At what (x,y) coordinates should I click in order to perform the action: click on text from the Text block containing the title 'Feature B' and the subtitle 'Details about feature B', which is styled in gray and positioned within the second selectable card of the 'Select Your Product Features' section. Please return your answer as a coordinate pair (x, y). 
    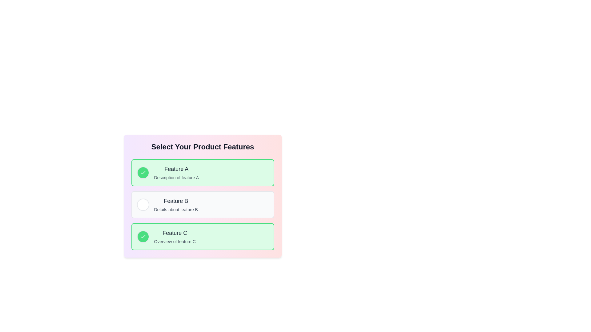
    Looking at the image, I should click on (175, 205).